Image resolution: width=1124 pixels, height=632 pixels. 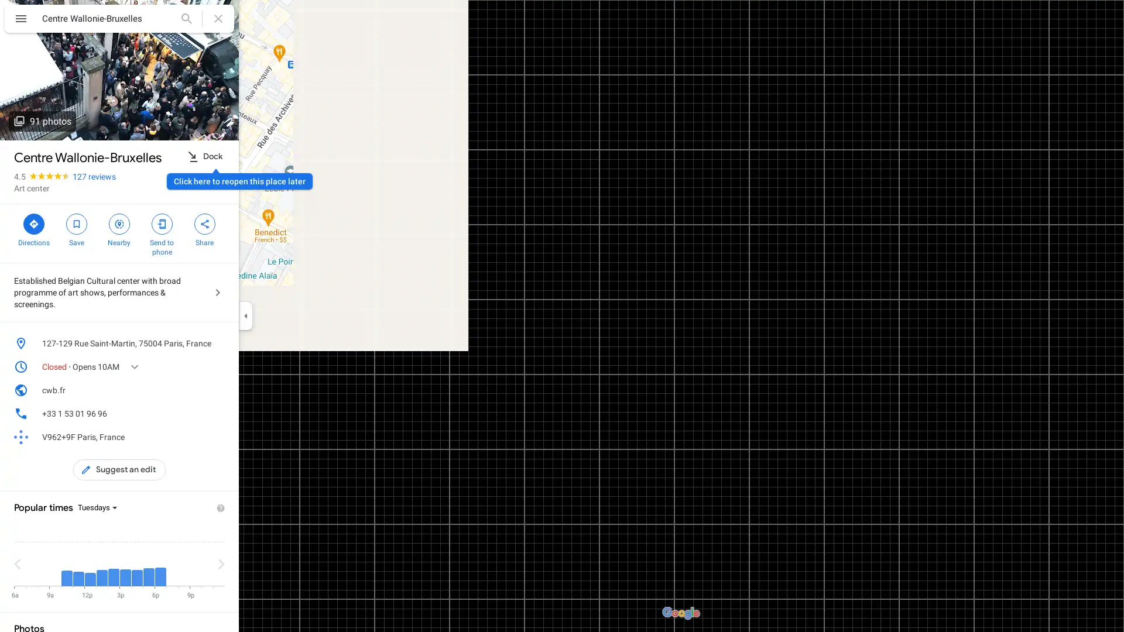 I want to click on 91 photos, so click(x=42, y=121).